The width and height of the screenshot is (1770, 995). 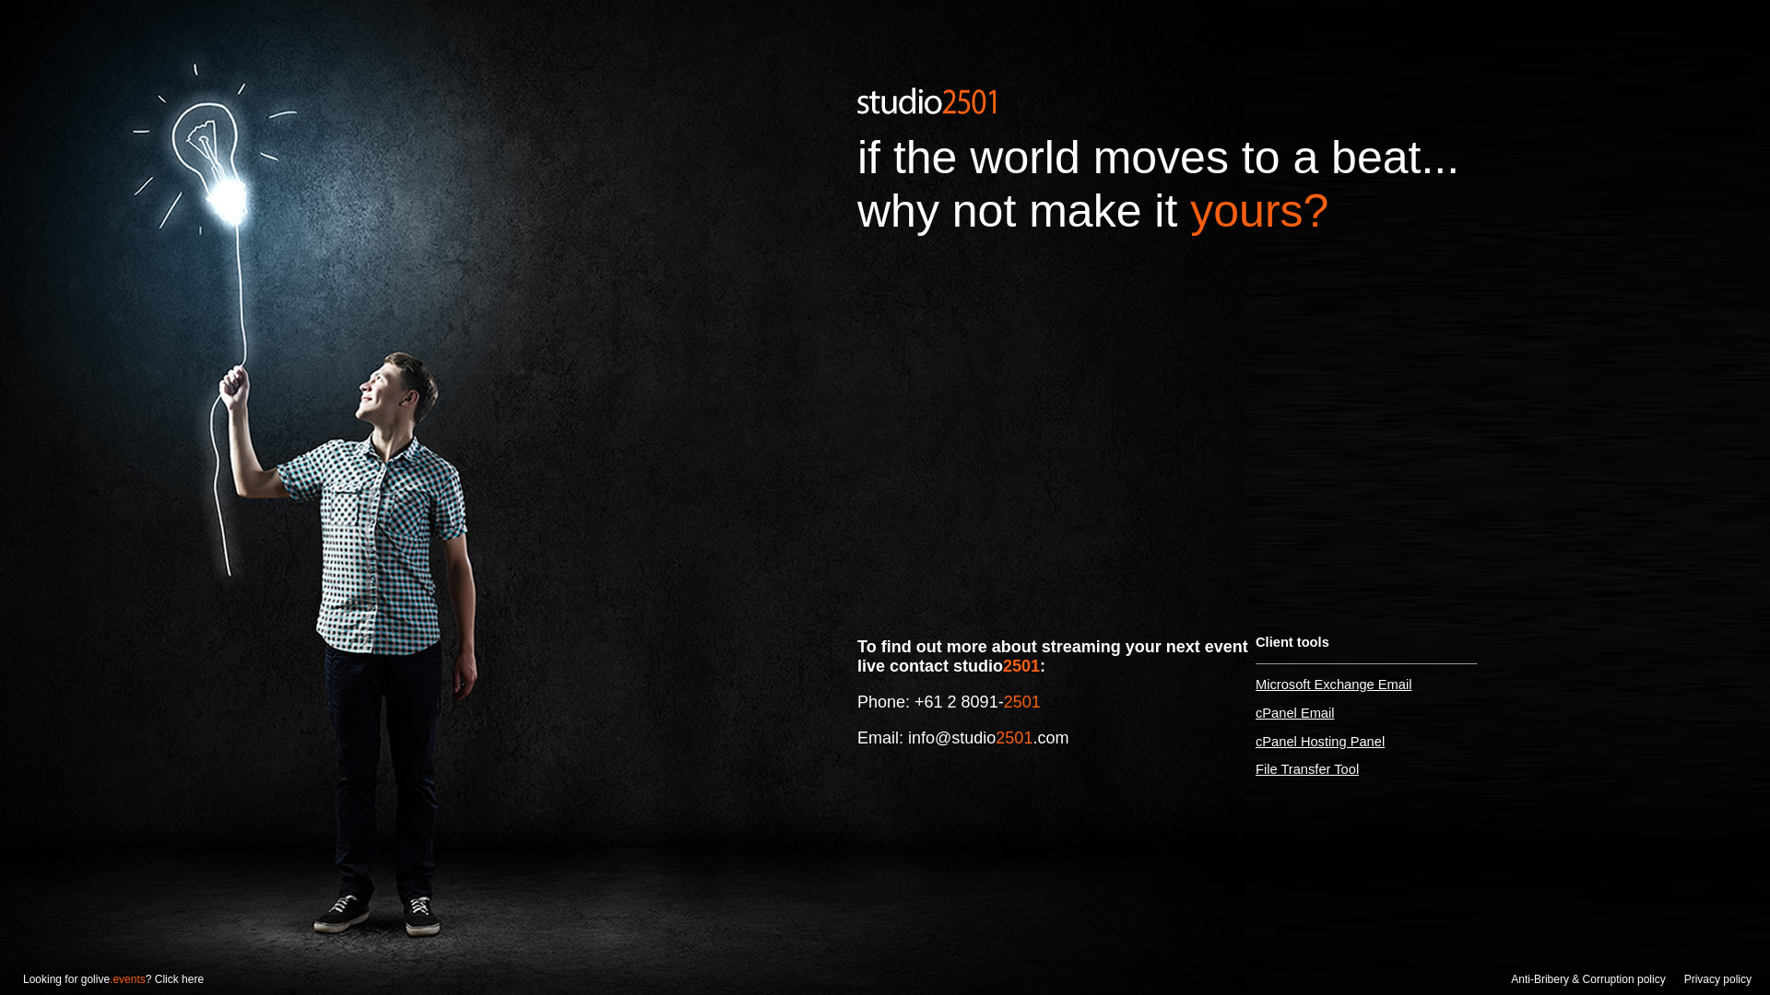 I want to click on 'Microsoft Exchange Email', so click(x=1333, y=685).